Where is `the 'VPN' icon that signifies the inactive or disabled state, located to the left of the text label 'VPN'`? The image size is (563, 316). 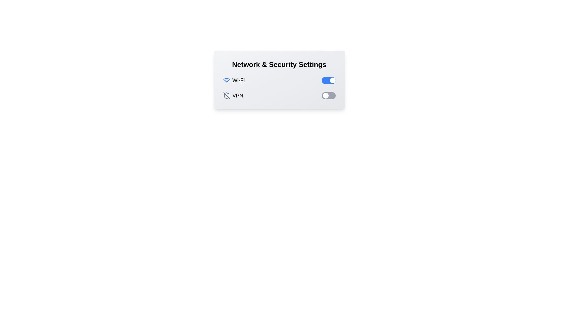
the 'VPN' icon that signifies the inactive or disabled state, located to the left of the text label 'VPN' is located at coordinates (226, 95).